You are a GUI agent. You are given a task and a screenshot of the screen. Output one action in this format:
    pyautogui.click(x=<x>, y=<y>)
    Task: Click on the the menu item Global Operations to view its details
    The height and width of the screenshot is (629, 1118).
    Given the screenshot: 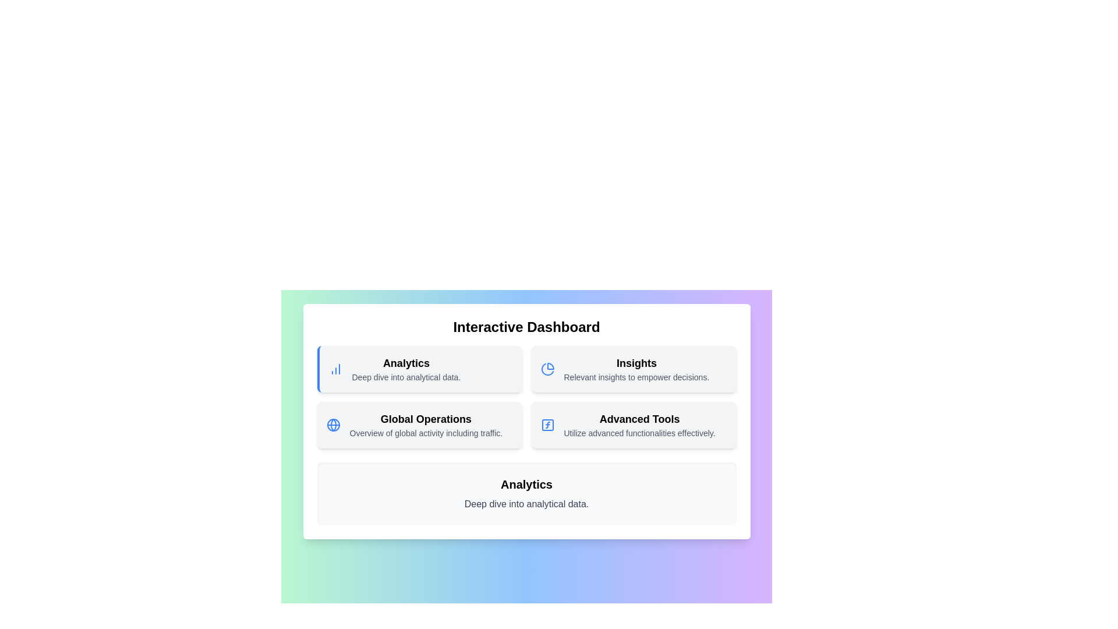 What is the action you would take?
    pyautogui.click(x=419, y=425)
    